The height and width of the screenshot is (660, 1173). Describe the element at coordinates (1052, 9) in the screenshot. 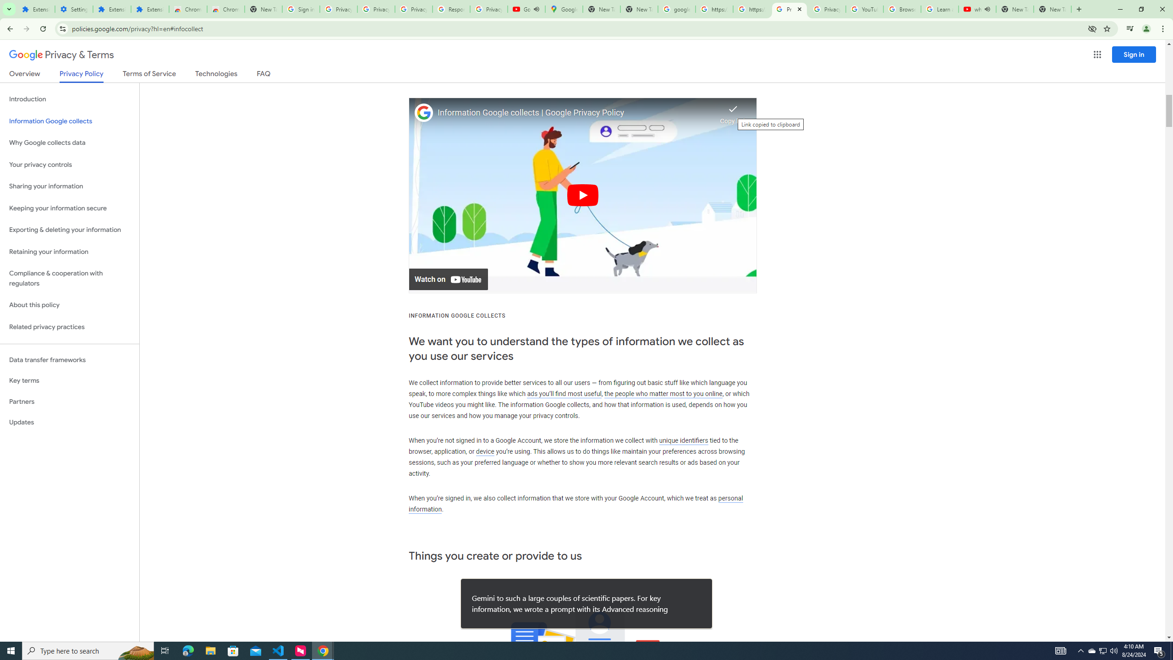

I see `'New Tab'` at that location.